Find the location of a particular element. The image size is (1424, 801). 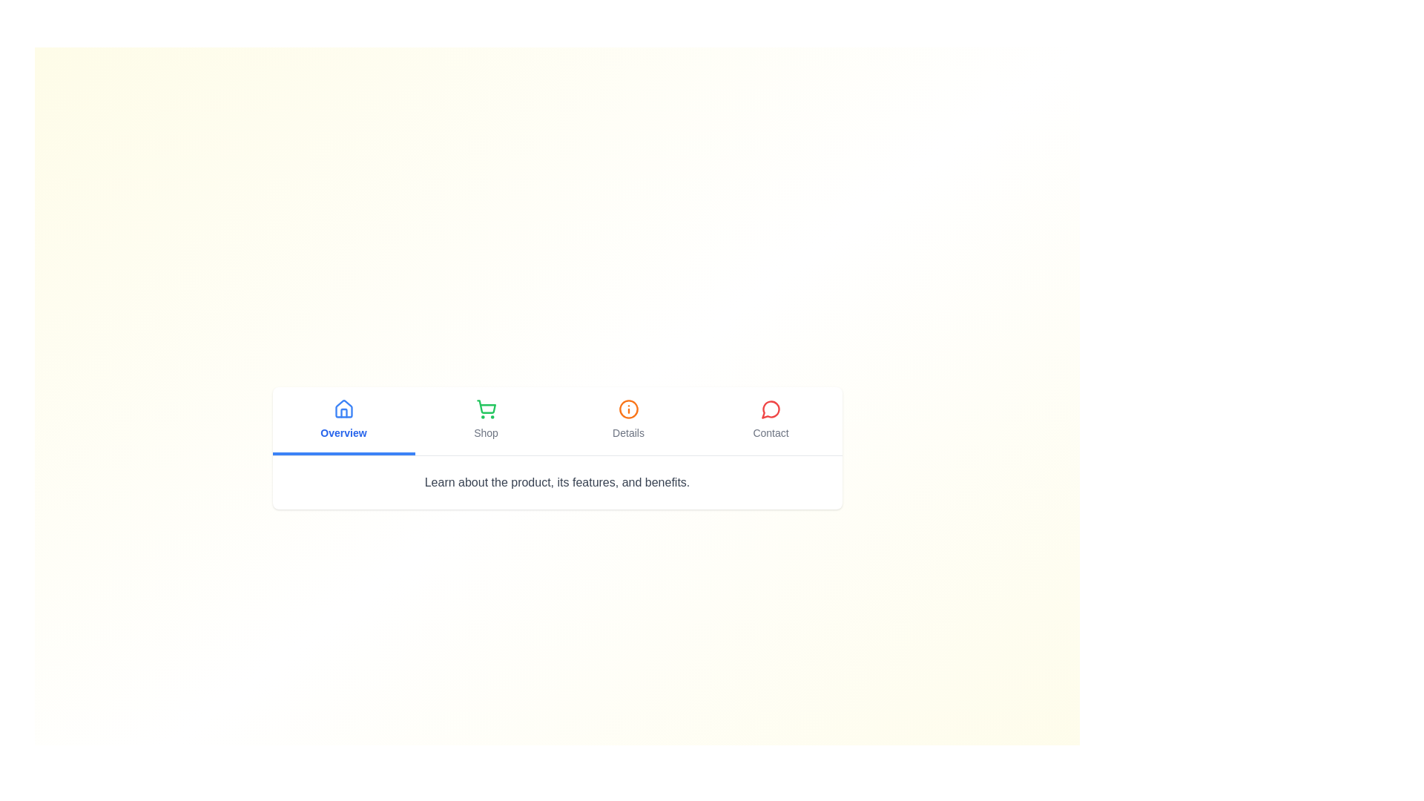

the Details tab to observe its hover effect is located at coordinates (628, 421).